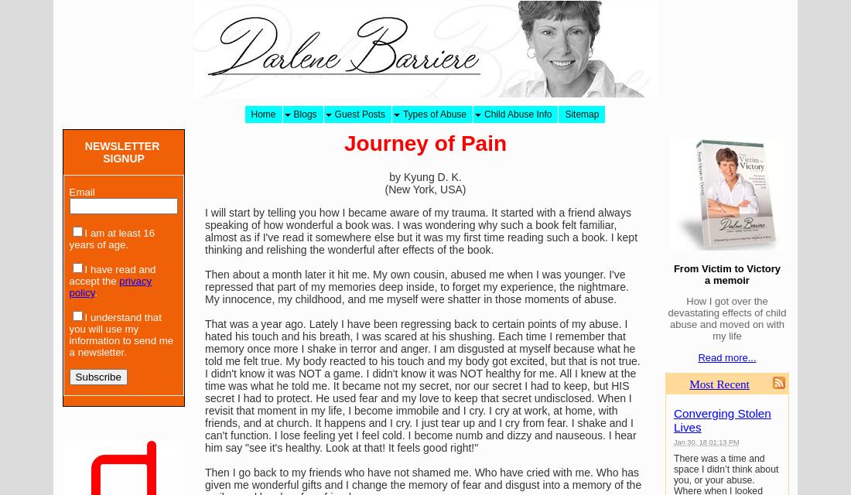  What do you see at coordinates (580, 114) in the screenshot?
I see `'Sitemap'` at bounding box center [580, 114].